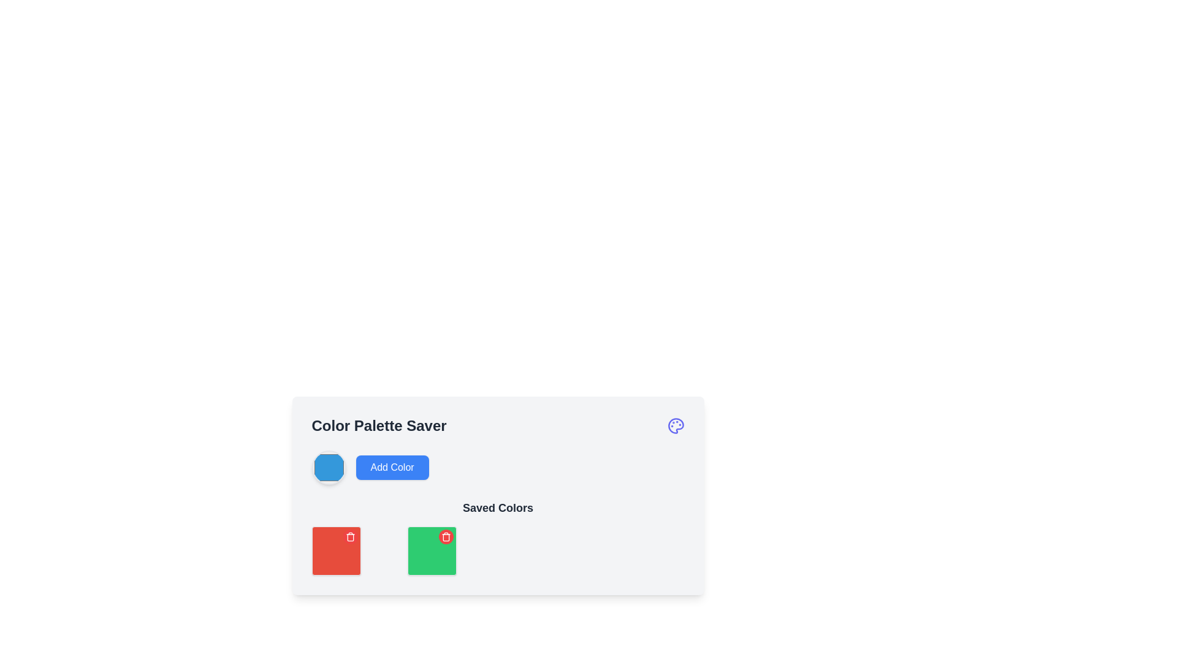 The height and width of the screenshot is (662, 1177). What do you see at coordinates (349, 536) in the screenshot?
I see `the circular red button with a white trash bin icon located in the upper right part of the red square in the 'Saved Colors' section` at bounding box center [349, 536].